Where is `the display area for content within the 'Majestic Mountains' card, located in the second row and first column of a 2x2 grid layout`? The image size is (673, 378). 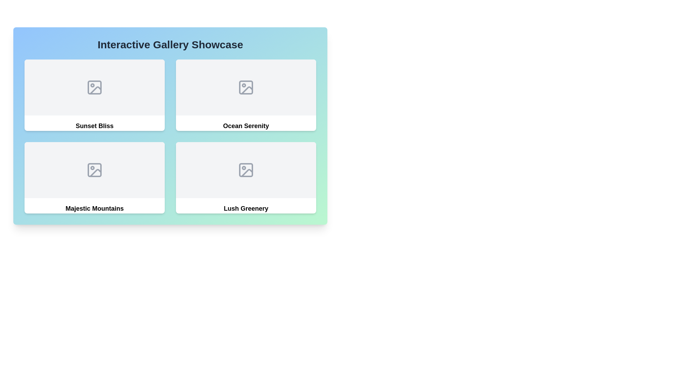 the display area for content within the 'Majestic Mountains' card, located in the second row and first column of a 2x2 grid layout is located at coordinates (94, 170).